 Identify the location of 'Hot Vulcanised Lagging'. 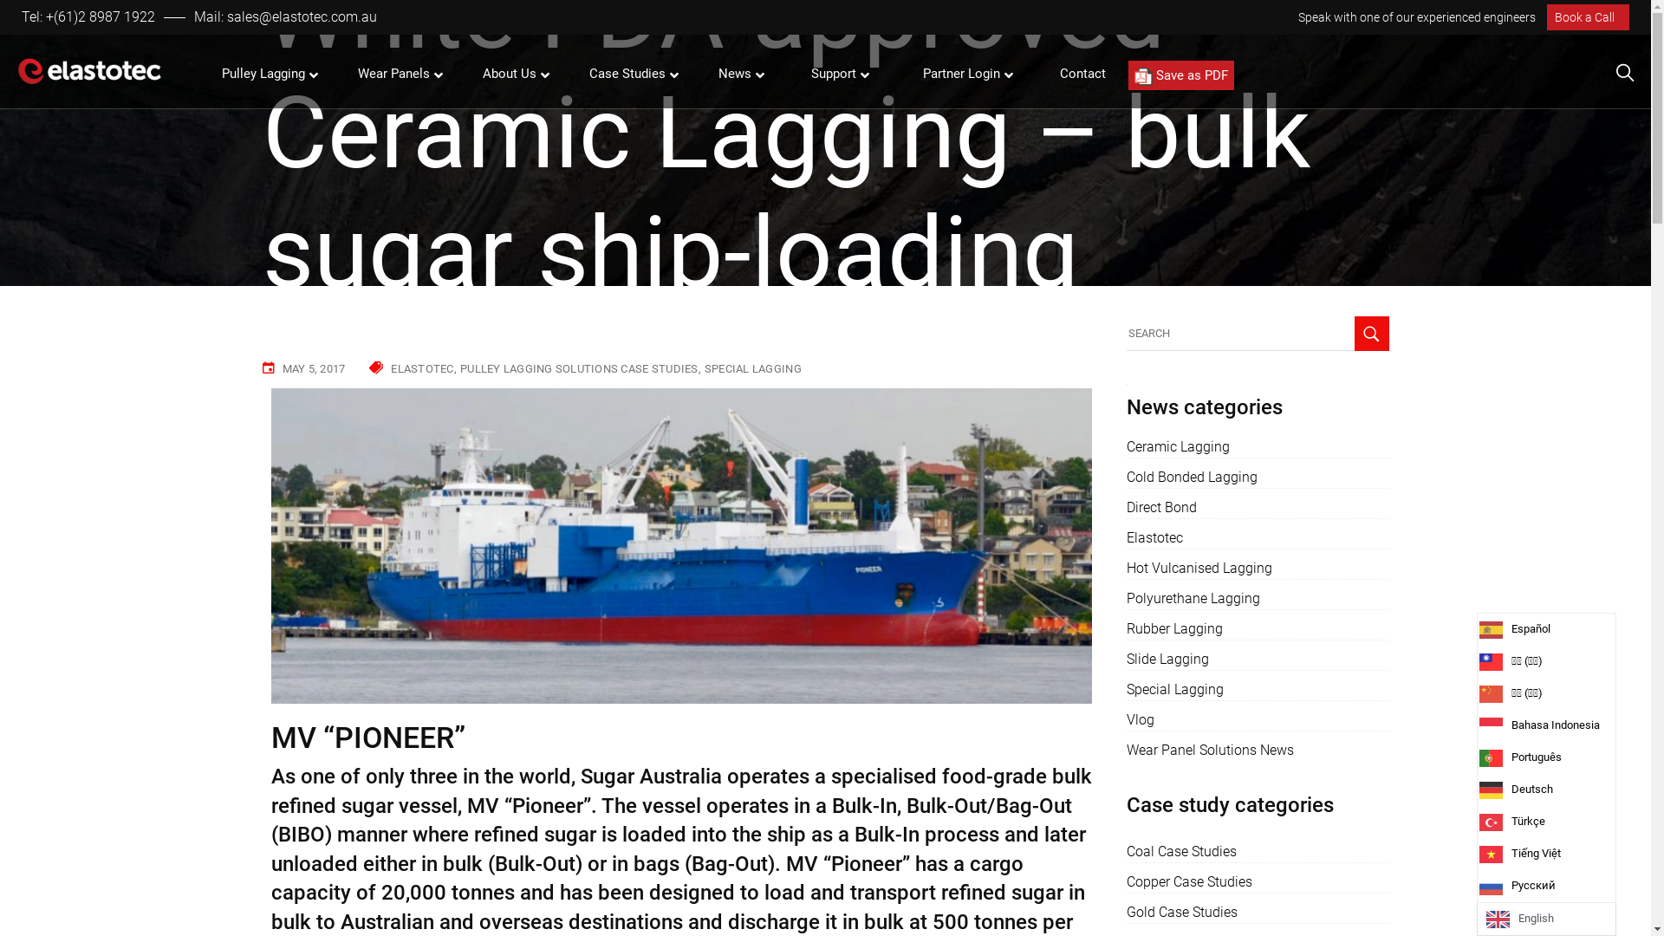
(1198, 568).